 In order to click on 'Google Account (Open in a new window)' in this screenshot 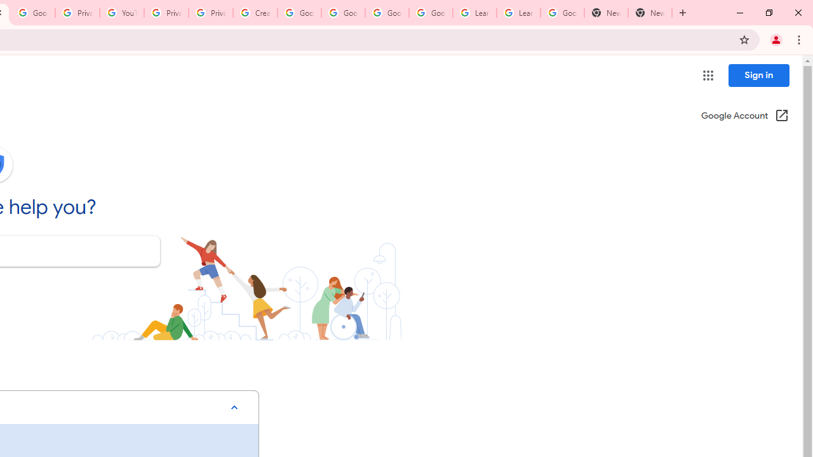, I will do `click(745, 116)`.